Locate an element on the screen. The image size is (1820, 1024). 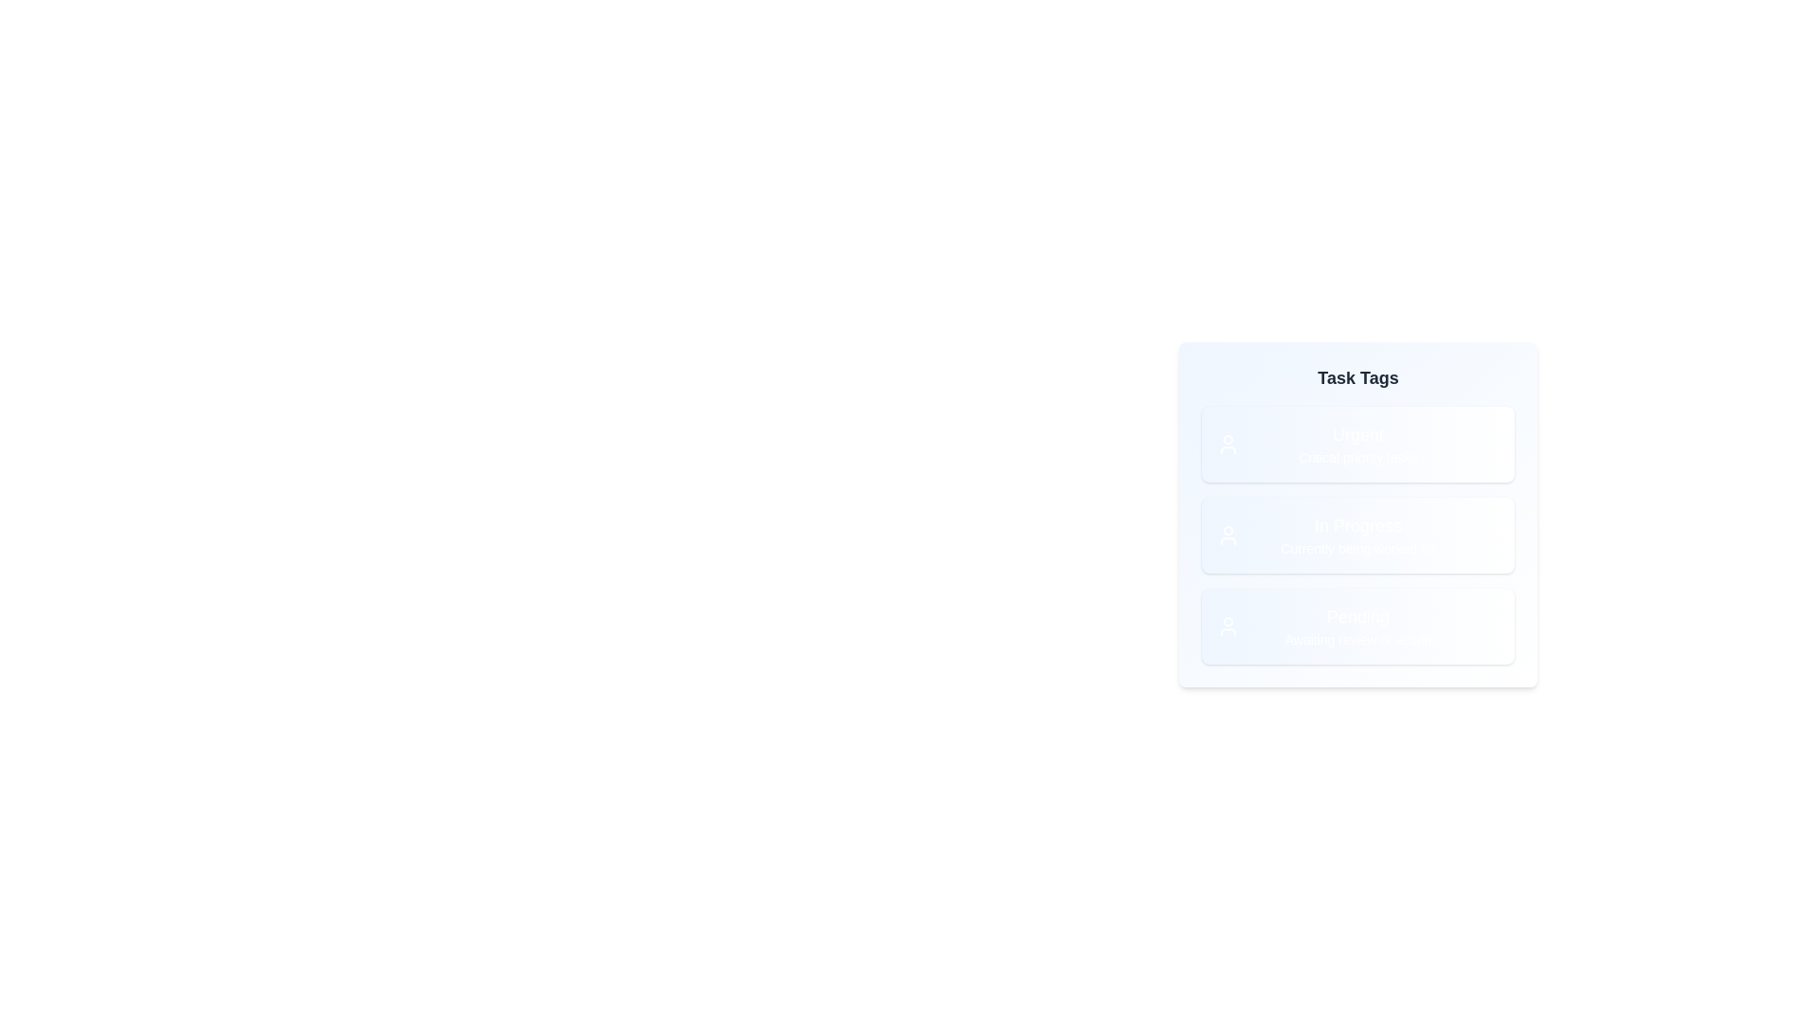
the tag labeled 'Urgent' to observe hover-based interaction is located at coordinates (1357, 445).